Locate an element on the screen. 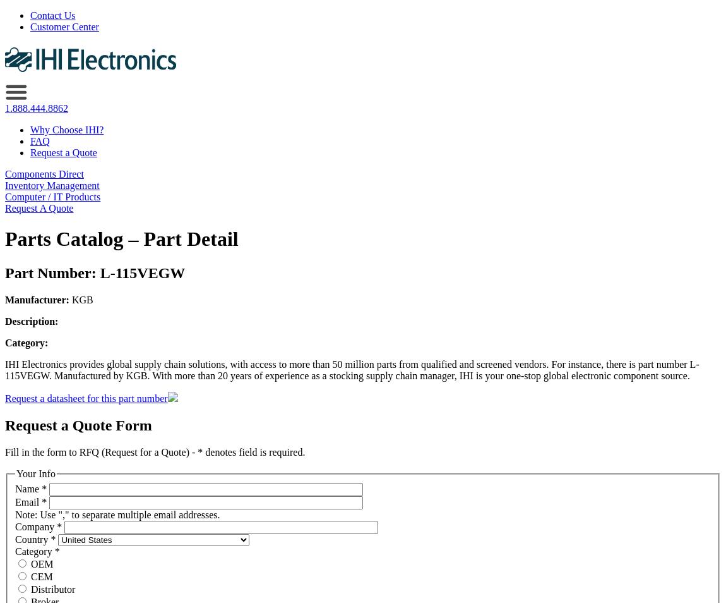 This screenshot has width=726, height=603. 'Customer Center' is located at coordinates (64, 26).